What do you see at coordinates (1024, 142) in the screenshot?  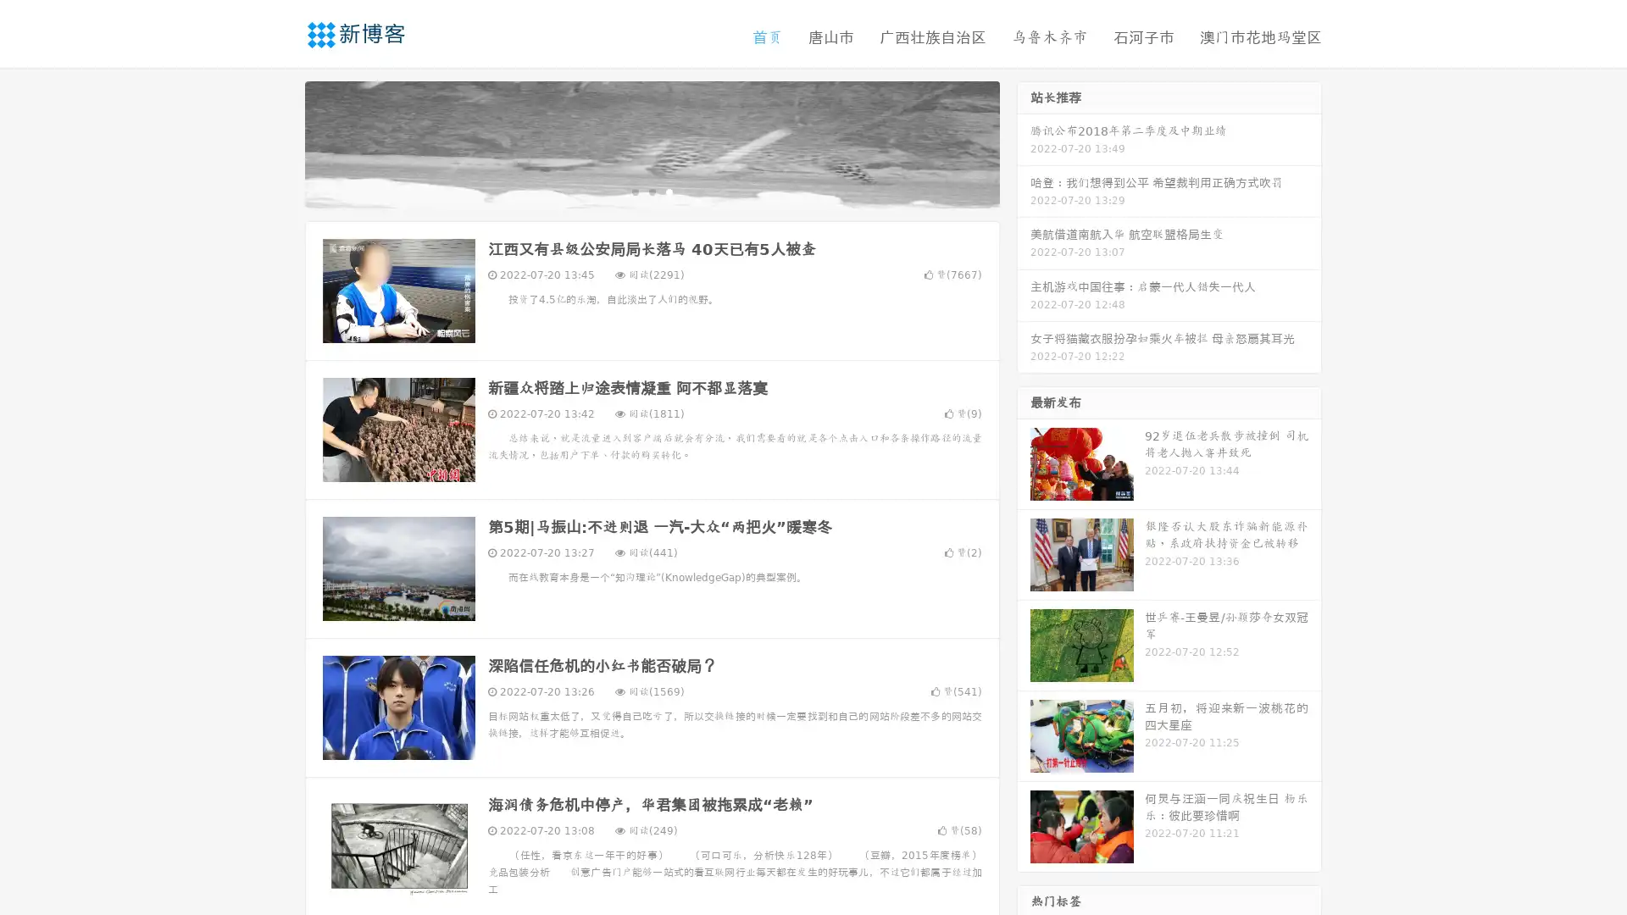 I see `Next slide` at bounding box center [1024, 142].